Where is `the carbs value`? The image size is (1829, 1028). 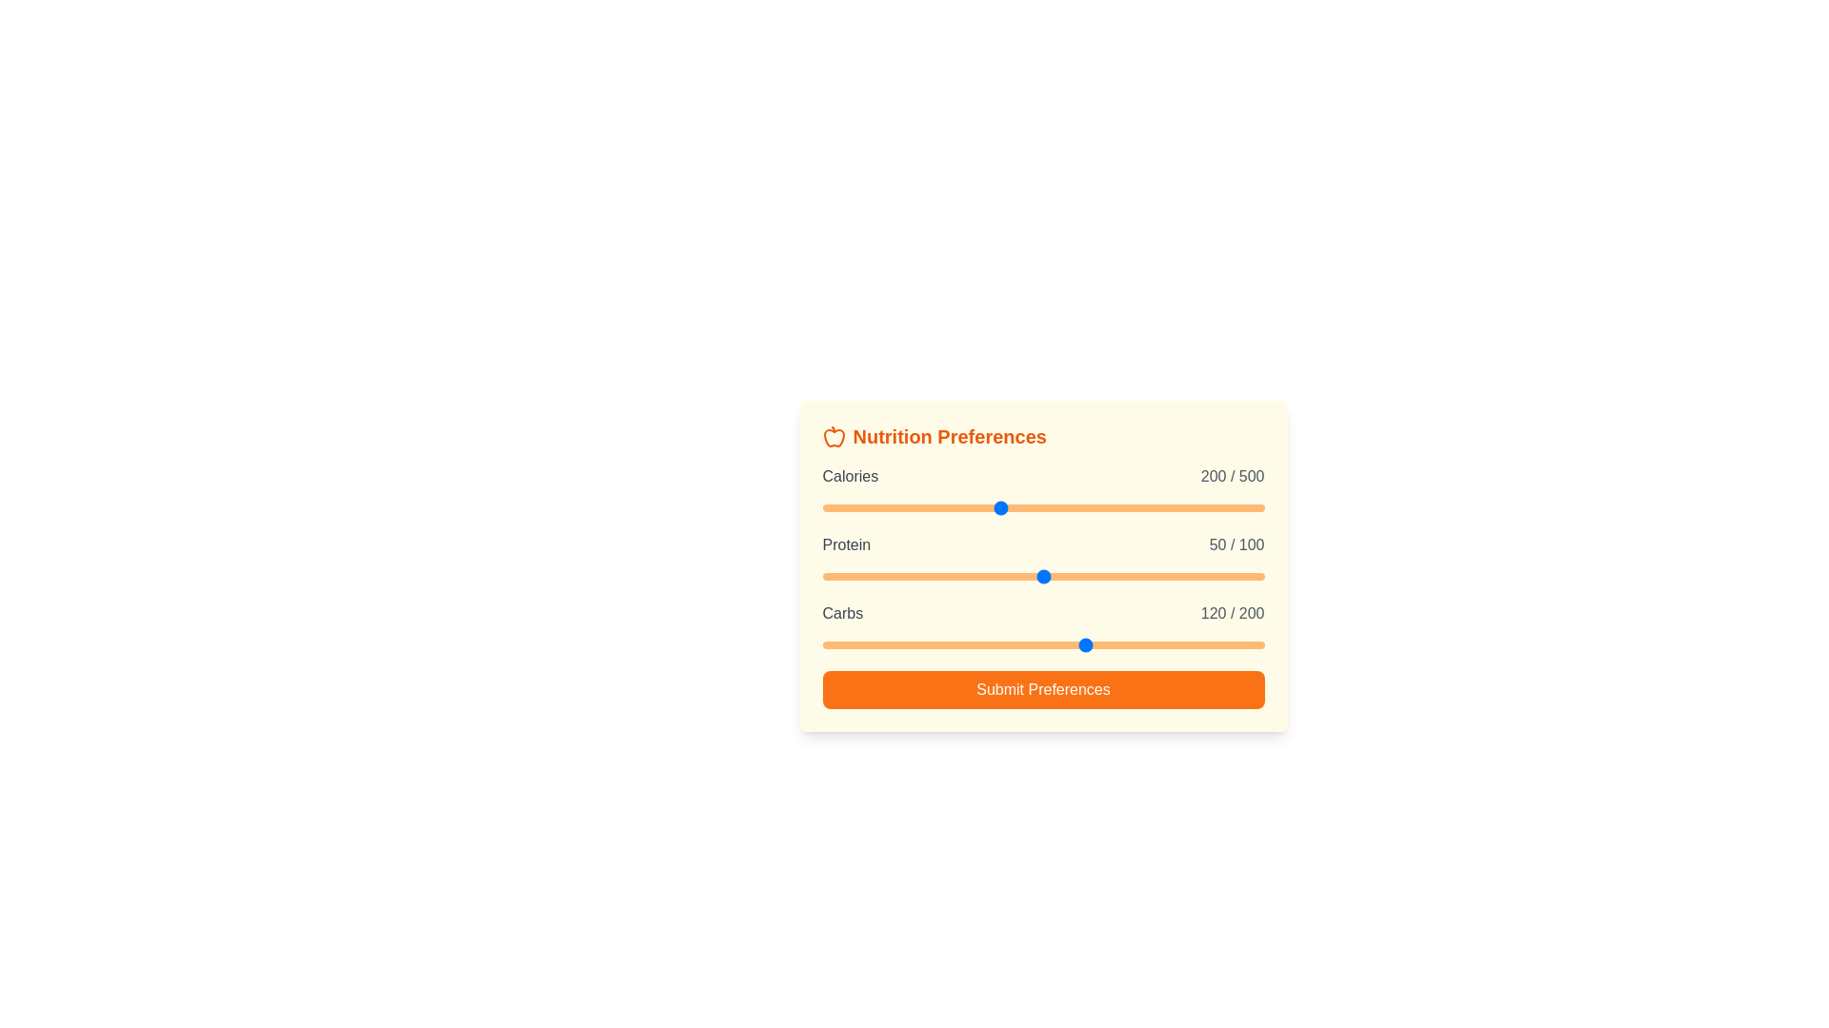 the carbs value is located at coordinates (1064, 644).